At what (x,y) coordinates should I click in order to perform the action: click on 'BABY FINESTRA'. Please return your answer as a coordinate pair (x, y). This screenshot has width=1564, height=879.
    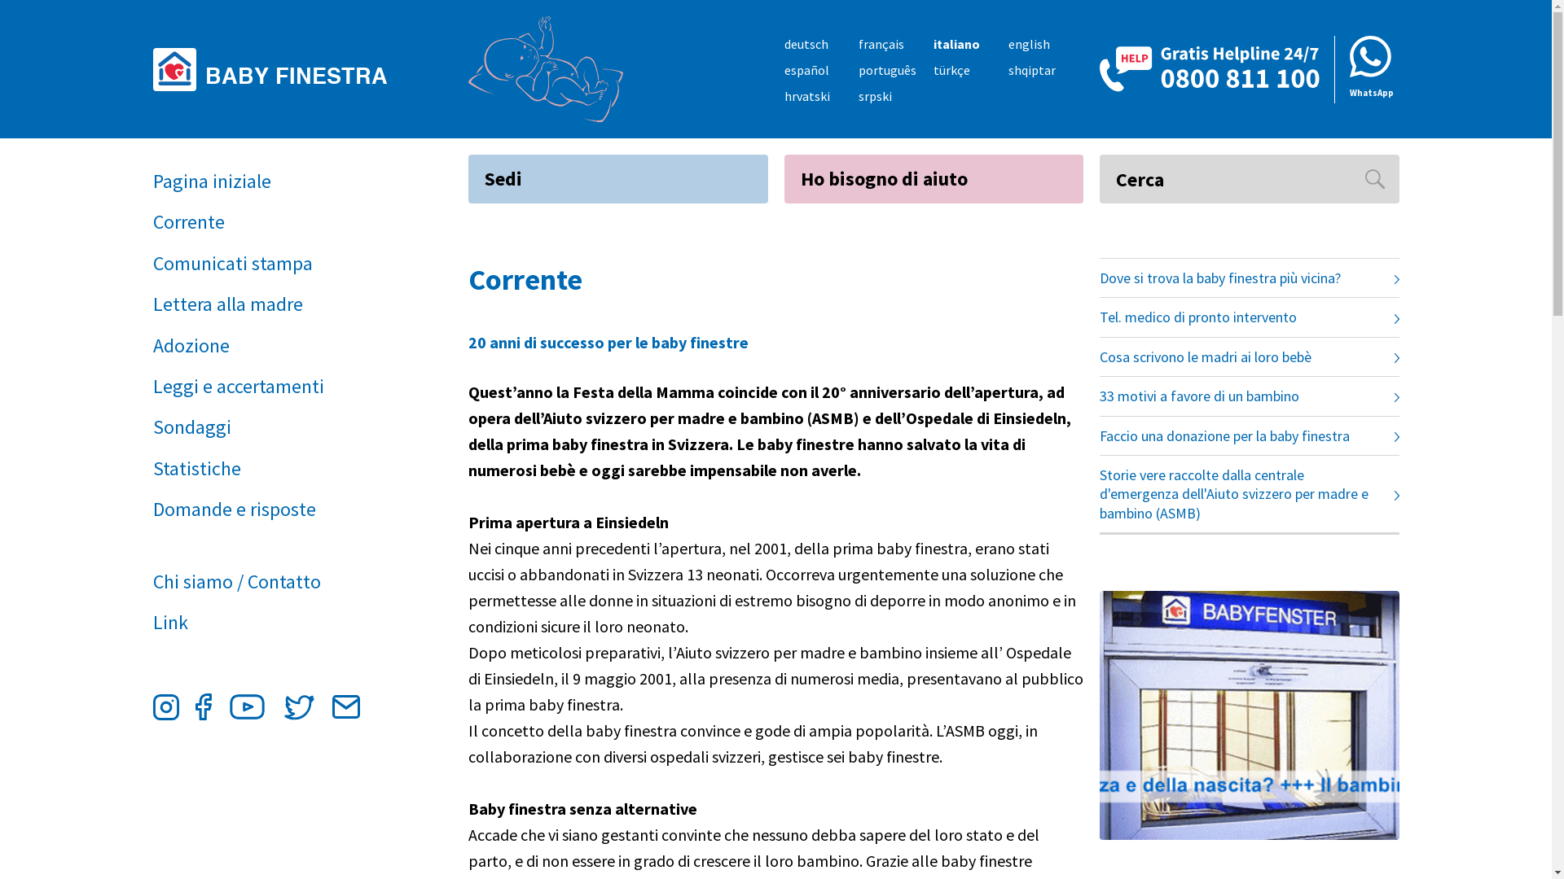
    Looking at the image, I should click on (276, 68).